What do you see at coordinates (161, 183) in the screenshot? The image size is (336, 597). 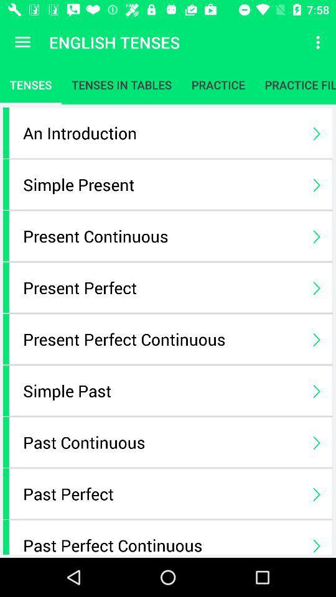 I see `the icon above the present continuous` at bounding box center [161, 183].